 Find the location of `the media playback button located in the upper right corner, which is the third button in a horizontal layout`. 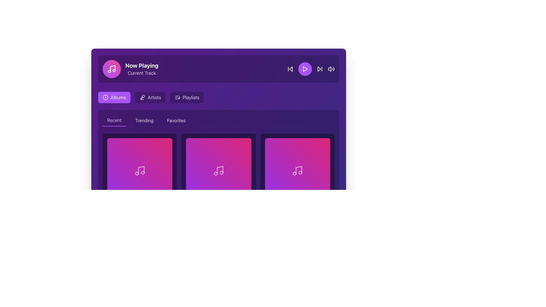

the media playback button located in the upper right corner, which is the third button in a horizontal layout is located at coordinates (311, 69).